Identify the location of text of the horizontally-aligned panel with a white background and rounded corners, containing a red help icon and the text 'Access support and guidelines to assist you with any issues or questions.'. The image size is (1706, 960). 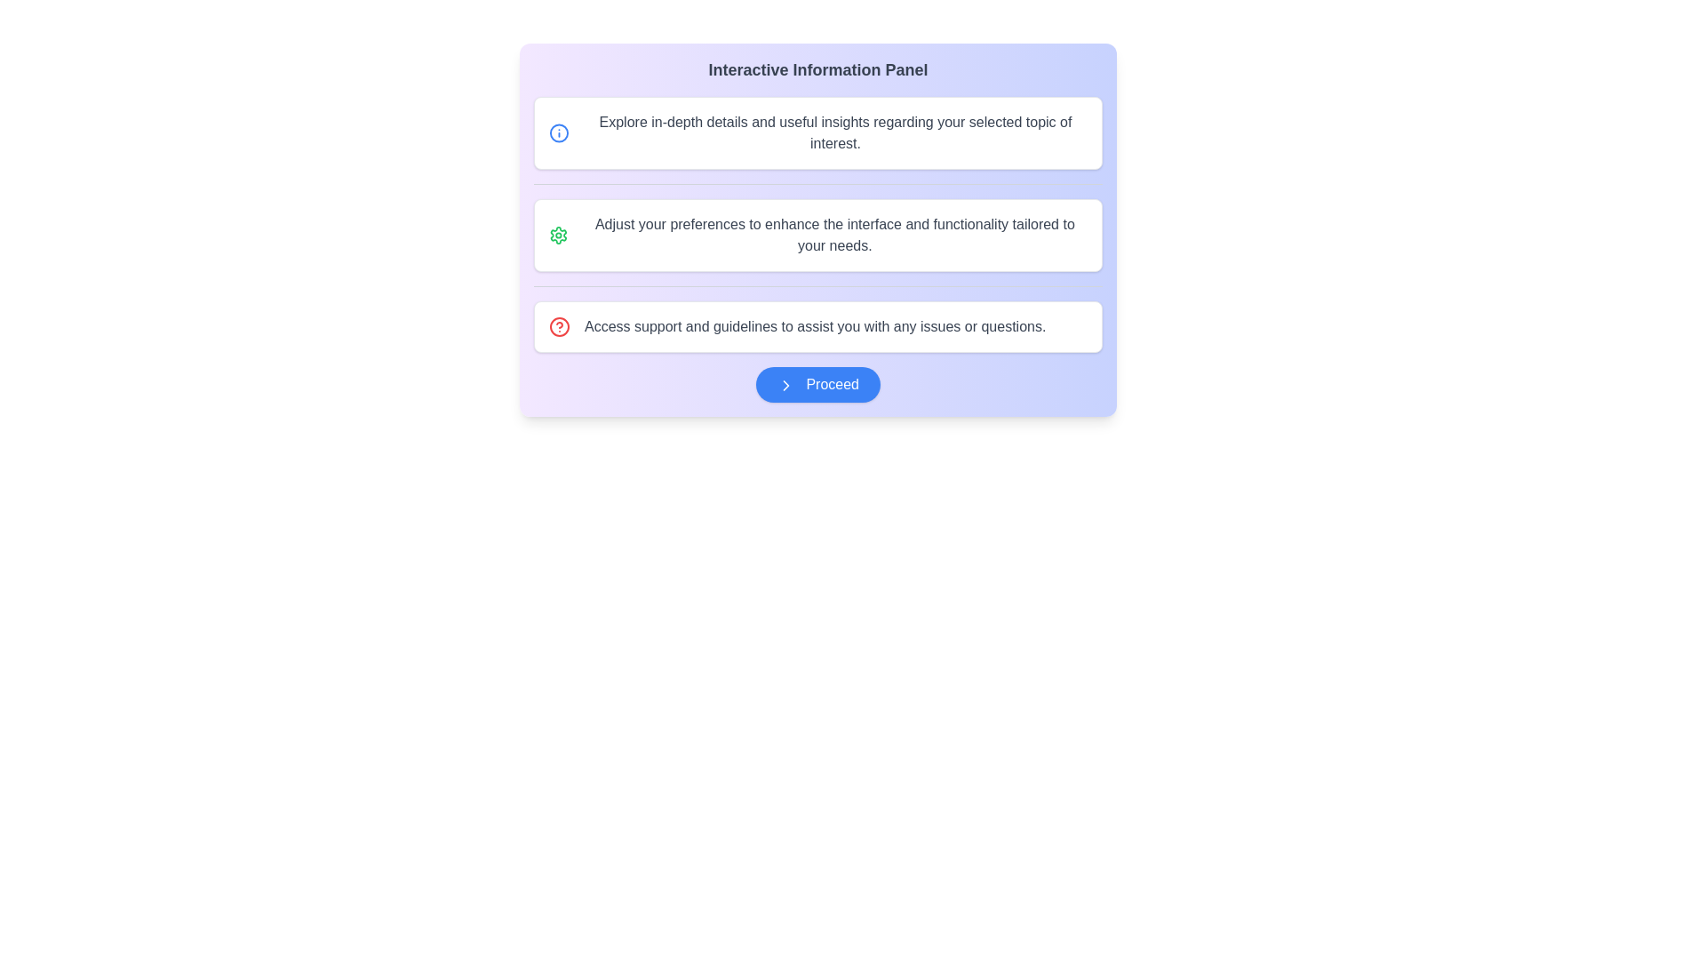
(817, 326).